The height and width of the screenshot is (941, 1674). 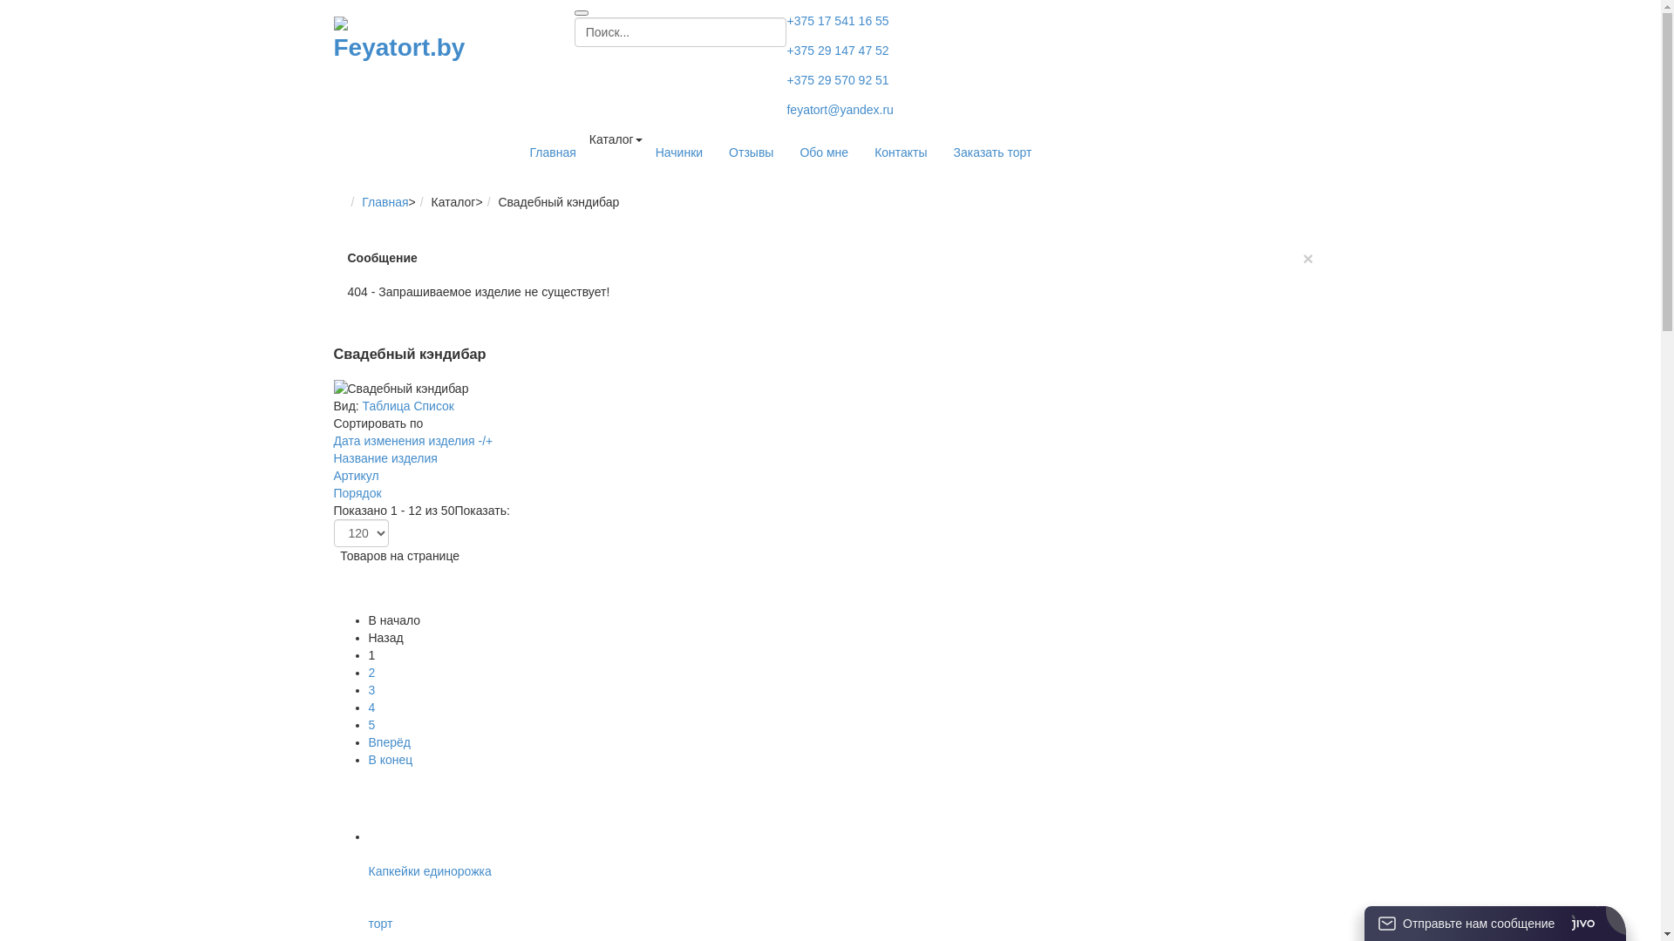 What do you see at coordinates (404, 39) in the screenshot?
I see `'Feyatort.by'` at bounding box center [404, 39].